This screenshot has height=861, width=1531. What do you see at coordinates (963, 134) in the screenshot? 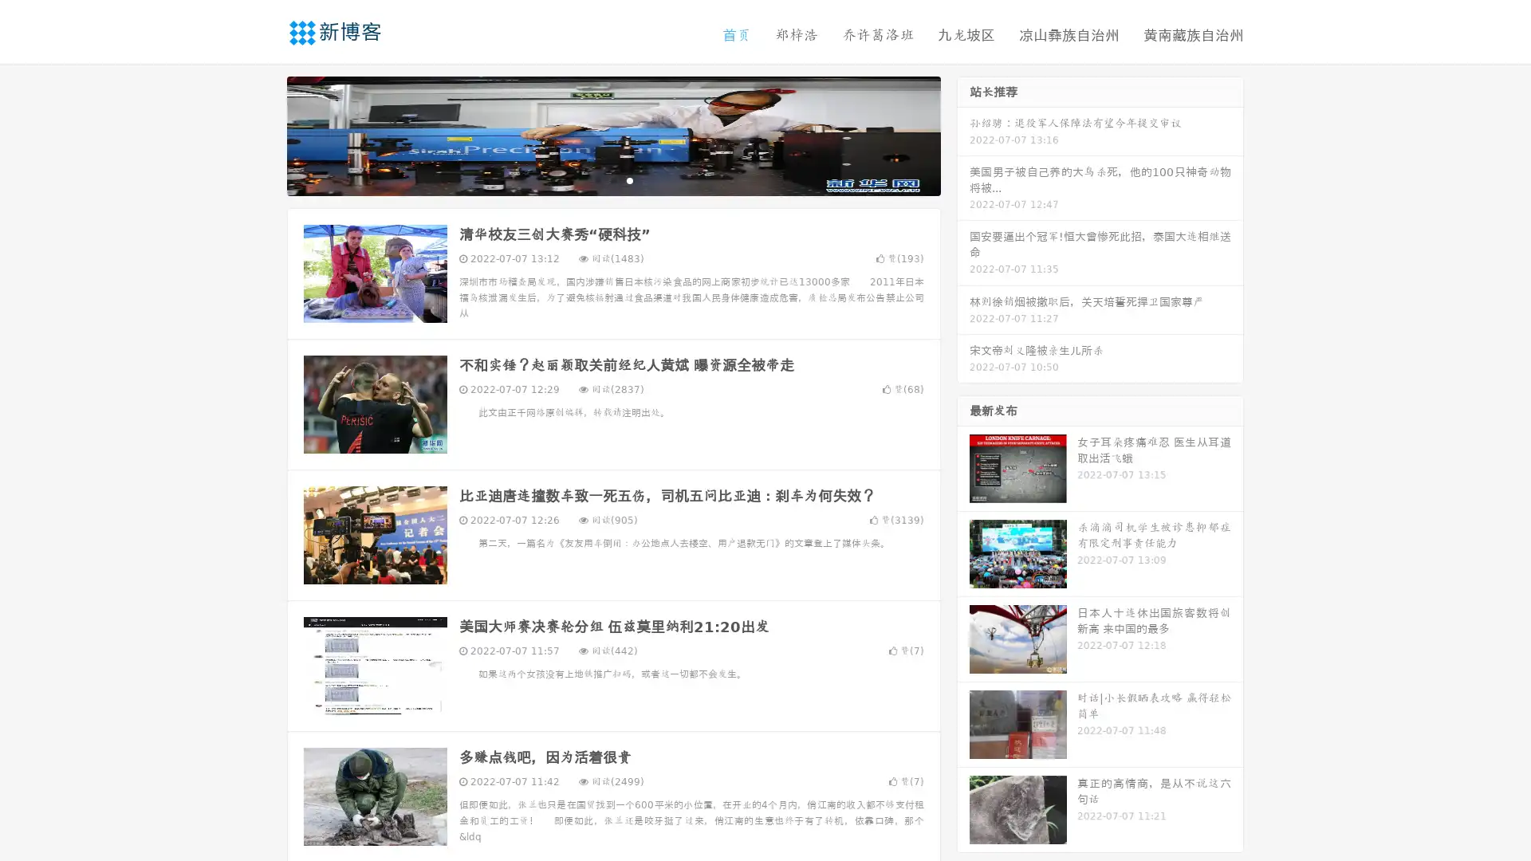
I see `Next slide` at bounding box center [963, 134].